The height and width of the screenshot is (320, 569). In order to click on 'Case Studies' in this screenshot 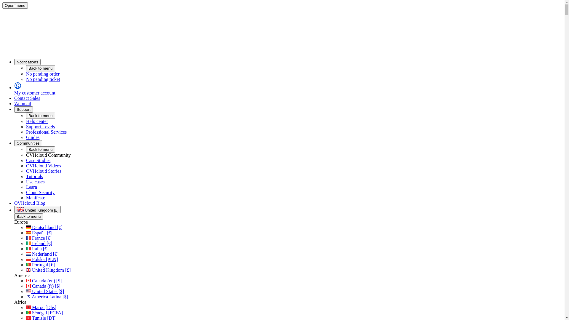, I will do `click(25, 160)`.